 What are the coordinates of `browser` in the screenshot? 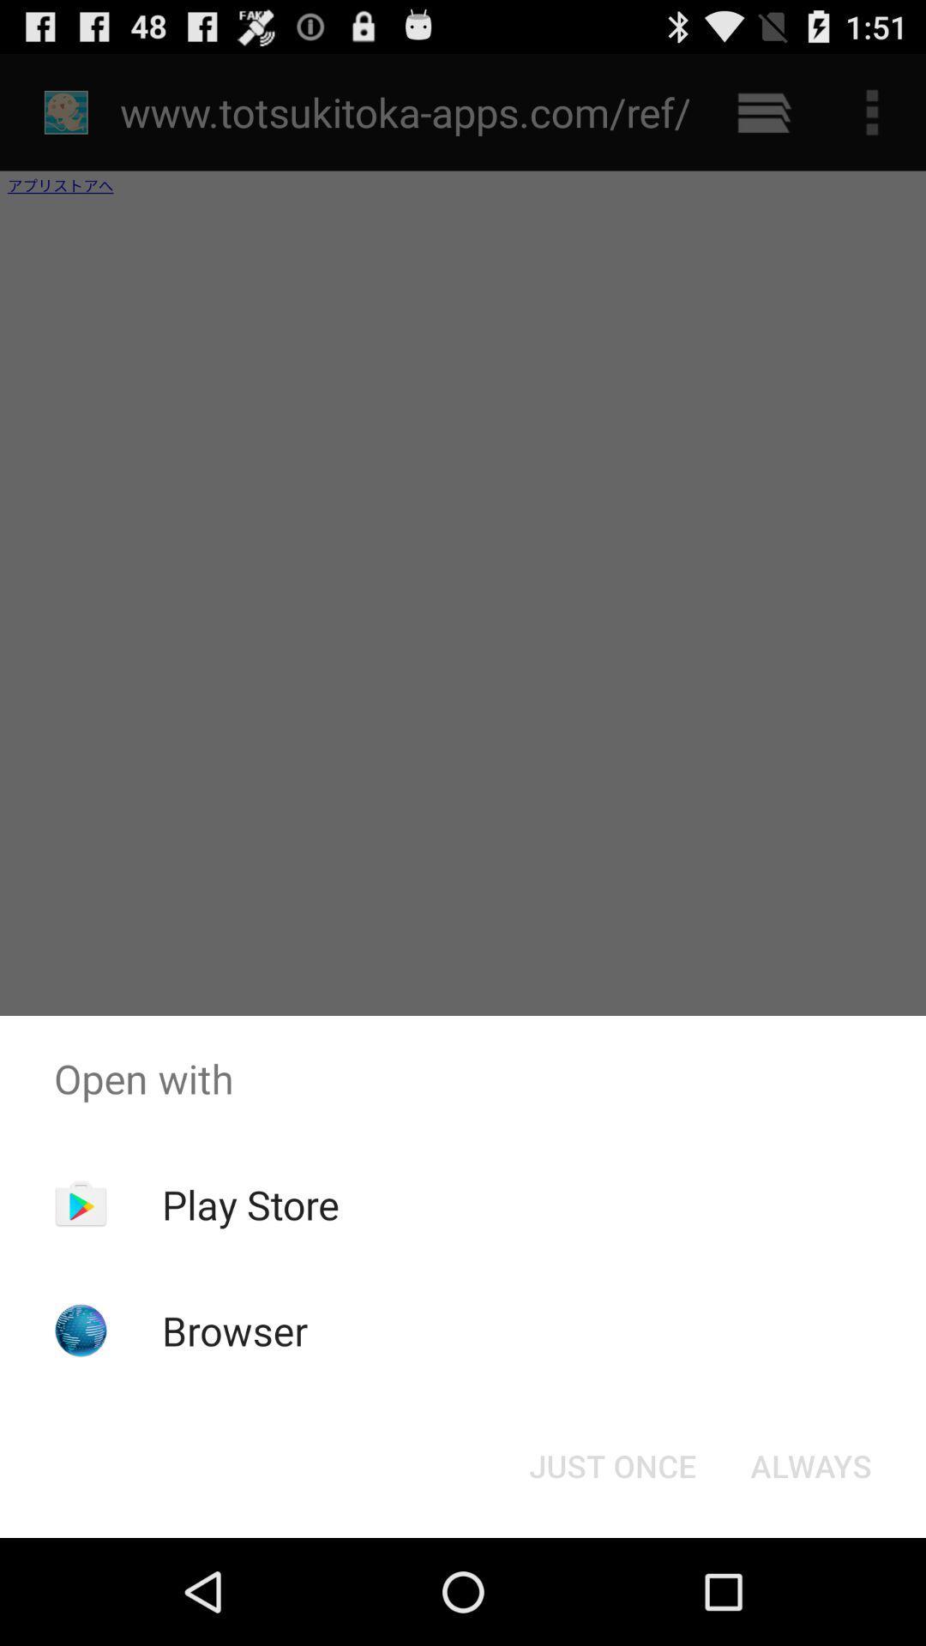 It's located at (235, 1330).